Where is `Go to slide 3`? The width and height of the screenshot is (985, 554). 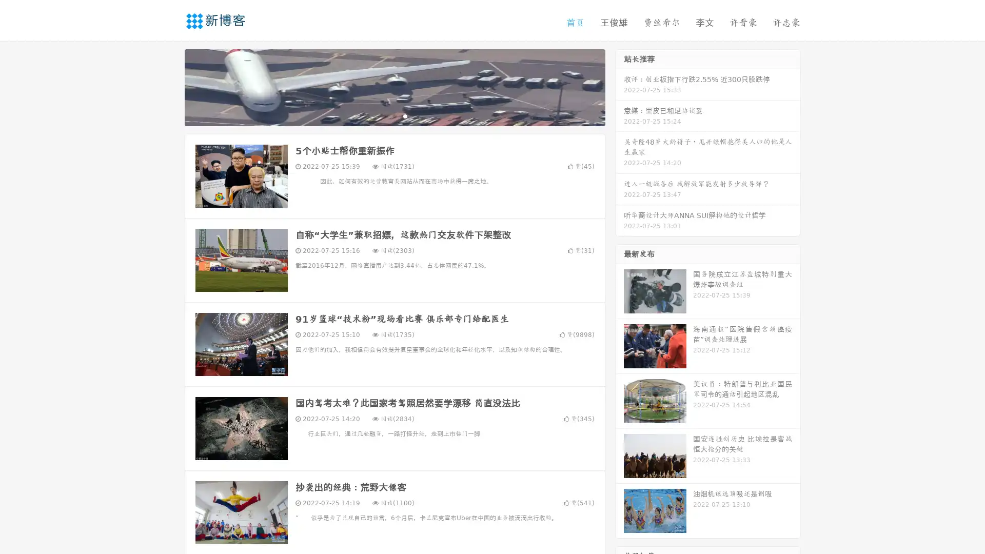
Go to slide 3 is located at coordinates (405, 115).